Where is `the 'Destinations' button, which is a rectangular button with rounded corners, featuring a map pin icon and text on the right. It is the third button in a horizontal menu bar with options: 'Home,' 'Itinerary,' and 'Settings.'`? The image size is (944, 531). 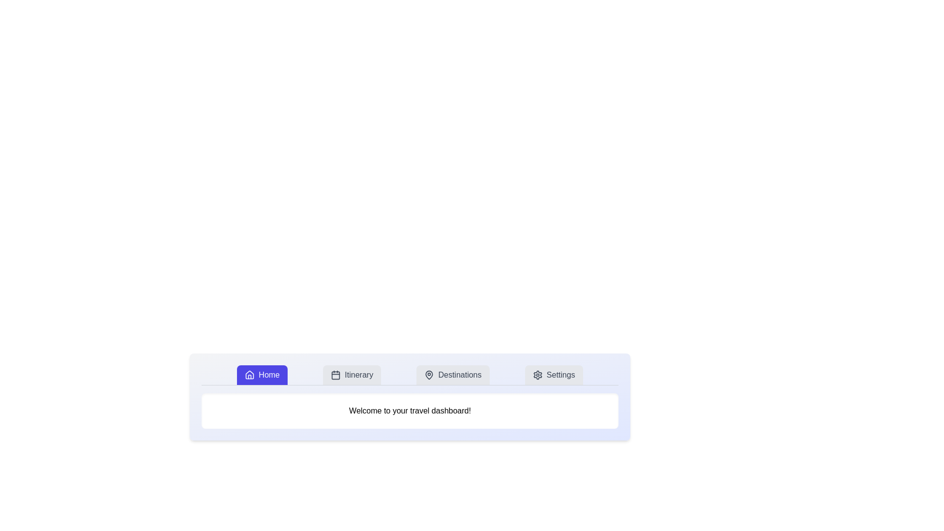
the 'Destinations' button, which is a rectangular button with rounded corners, featuring a map pin icon and text on the right. It is the third button in a horizontal menu bar with options: 'Home,' 'Itinerary,' and 'Settings.' is located at coordinates (452, 375).